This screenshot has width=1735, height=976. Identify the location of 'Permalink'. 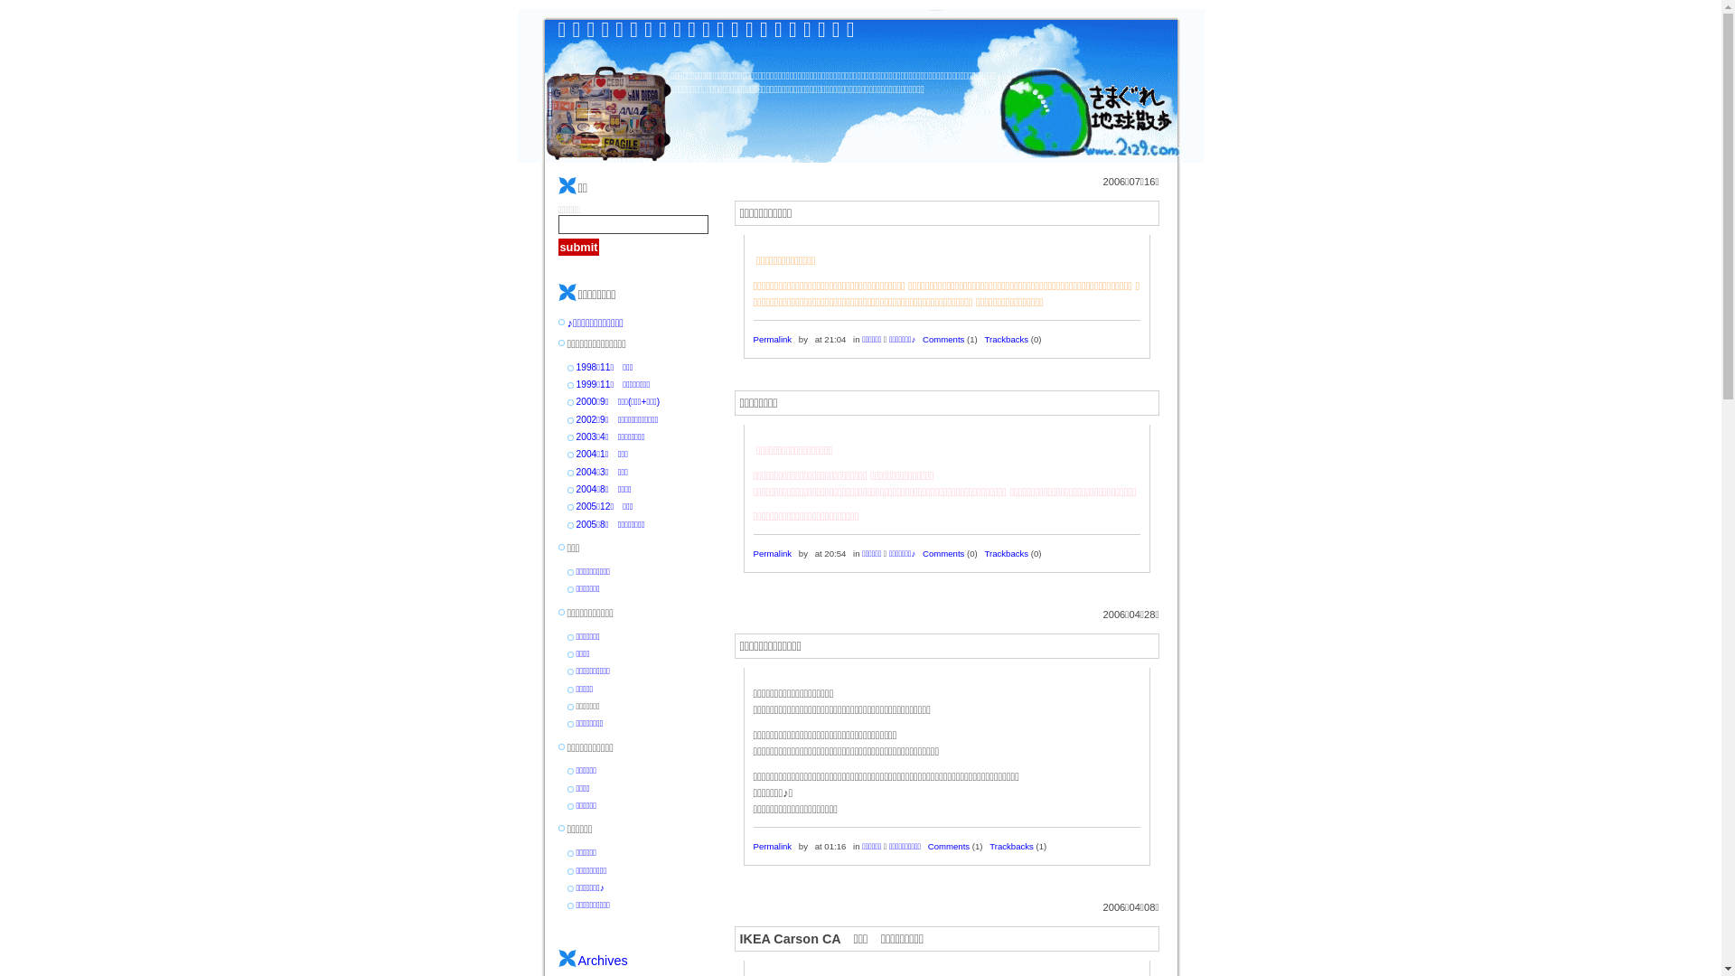
(773, 339).